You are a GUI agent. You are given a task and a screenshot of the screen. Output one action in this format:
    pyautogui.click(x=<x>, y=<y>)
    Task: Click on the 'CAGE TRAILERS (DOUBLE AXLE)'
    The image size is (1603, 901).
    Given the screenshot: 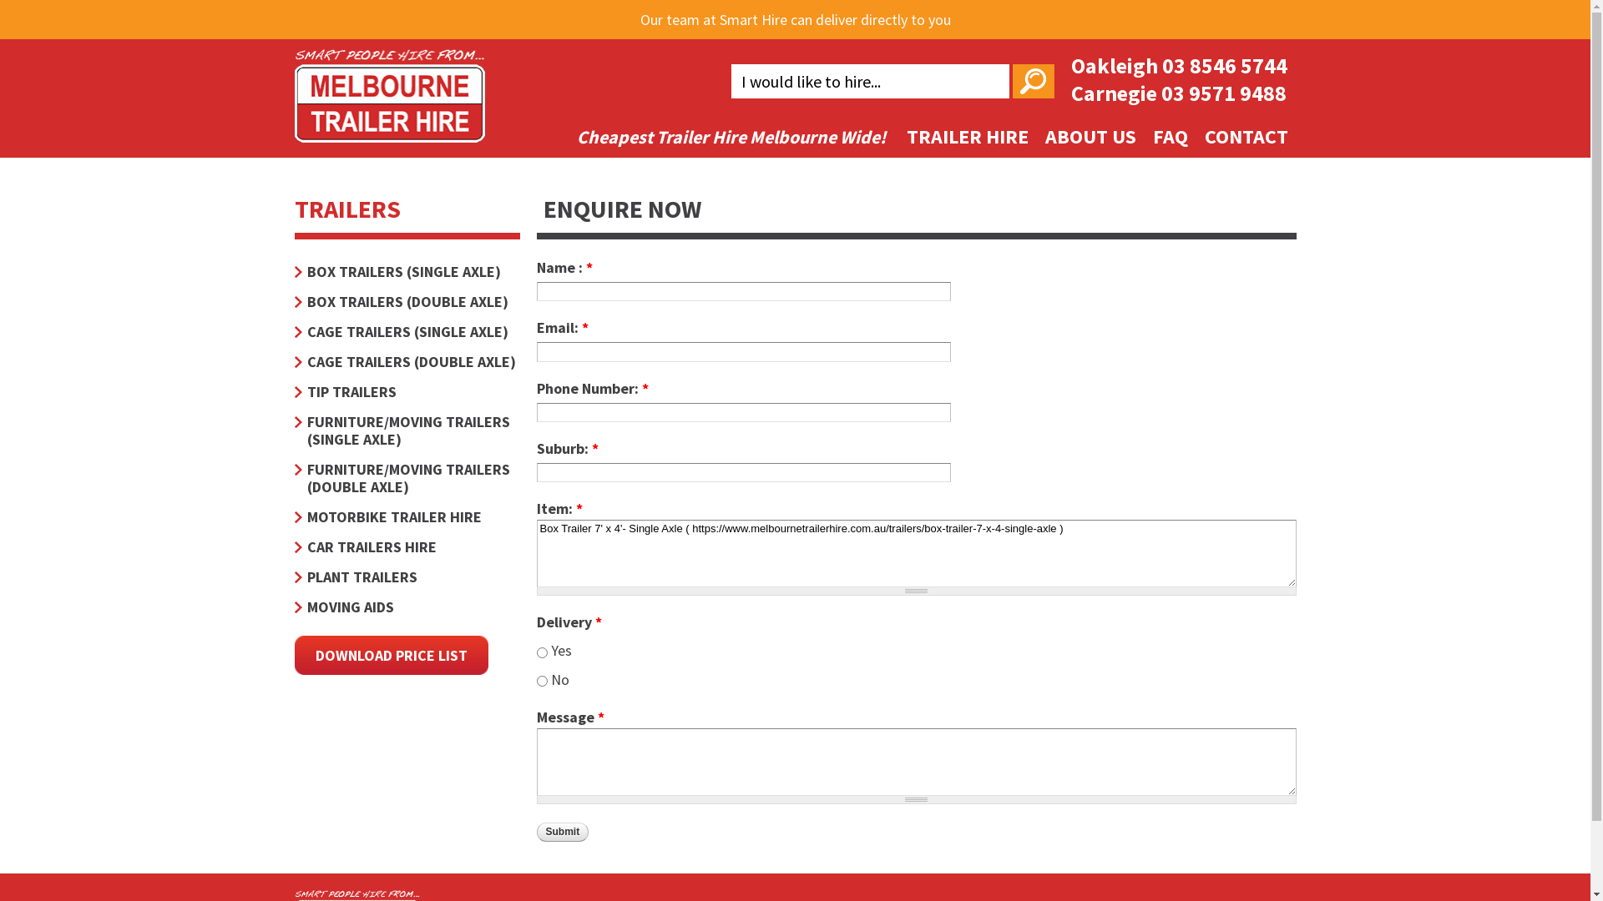 What is the action you would take?
    pyautogui.click(x=406, y=360)
    